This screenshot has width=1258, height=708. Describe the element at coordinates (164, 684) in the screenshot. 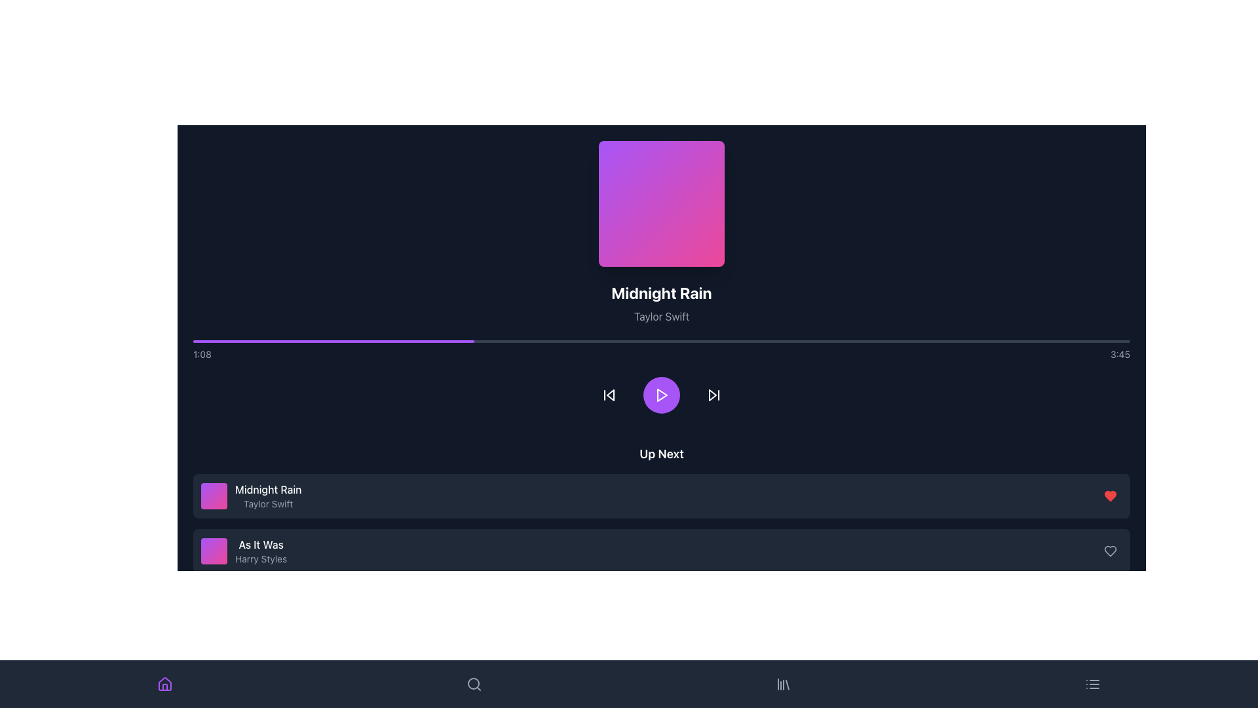

I see `the home button, a vibrant purple icon located at the bottom-left corner of the navigation bar` at that location.